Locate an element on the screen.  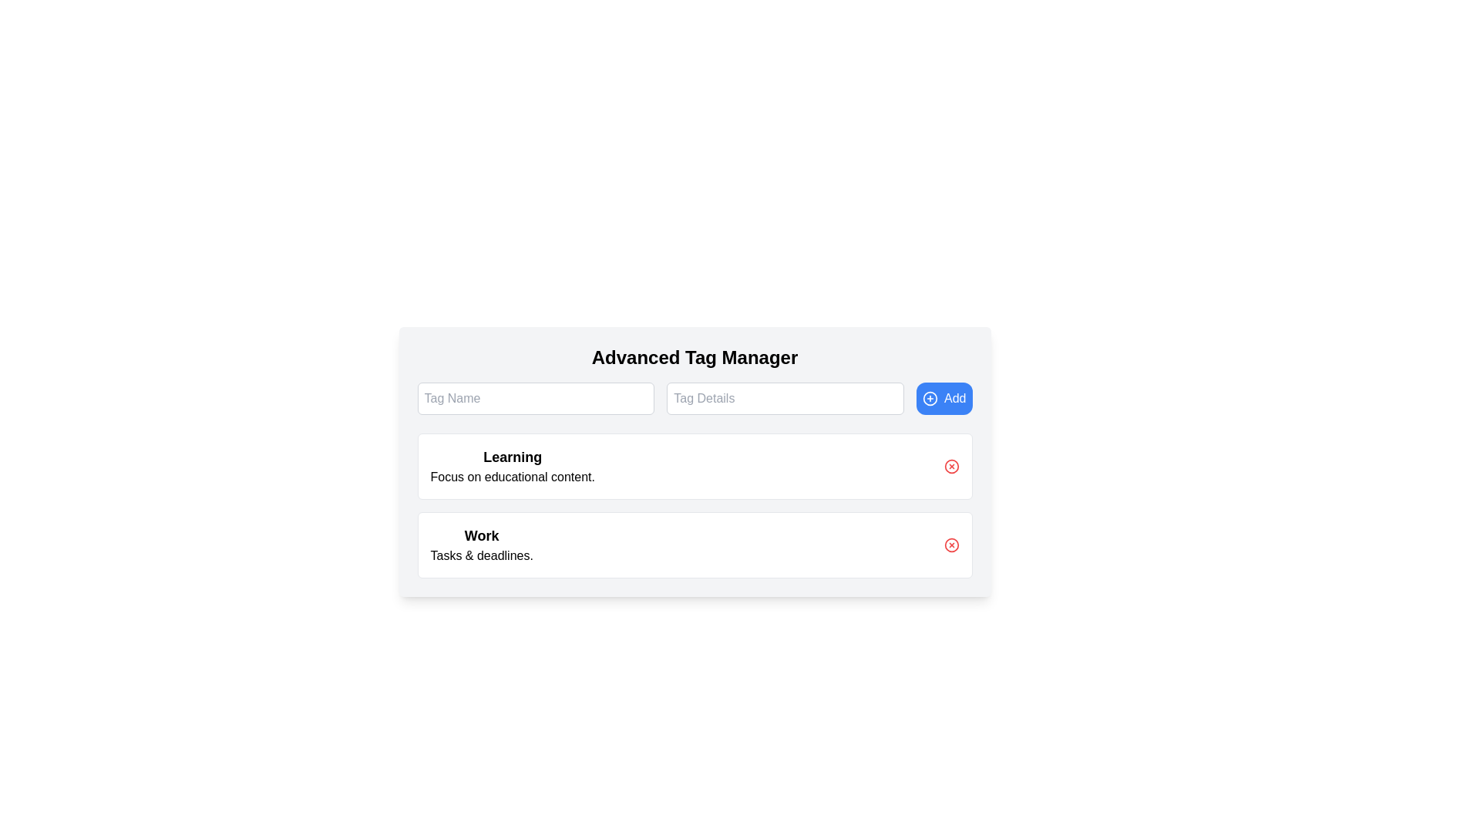
the text label that reads 'Focus on educational content.' which is positioned directly below the 'Learning' heading is located at coordinates (513, 476).